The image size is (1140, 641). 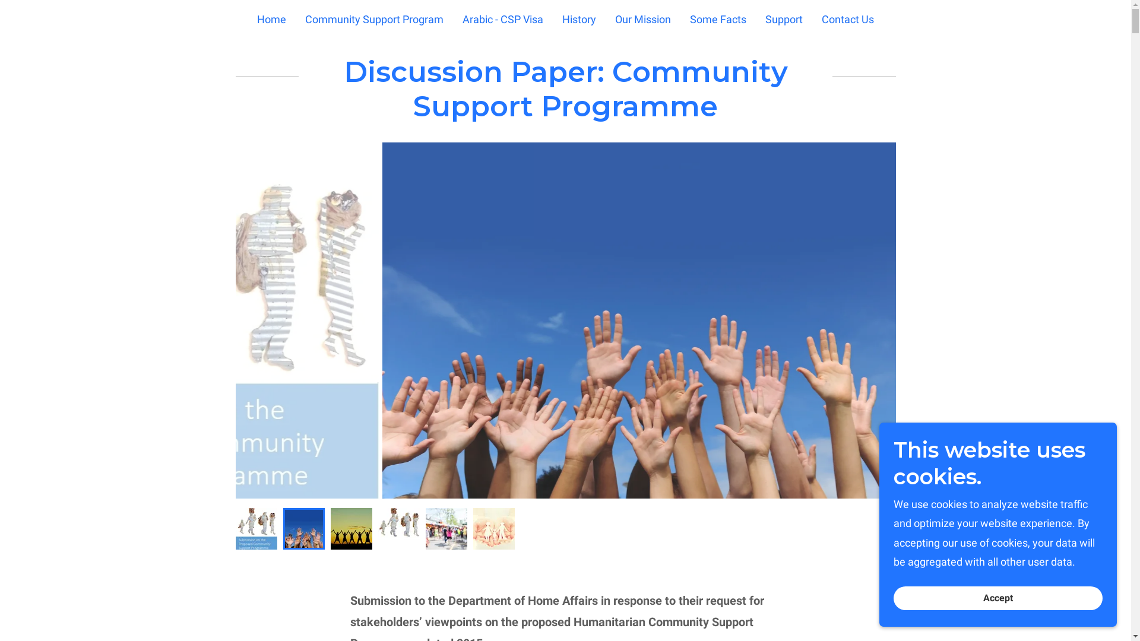 I want to click on 'History', so click(x=579, y=18).